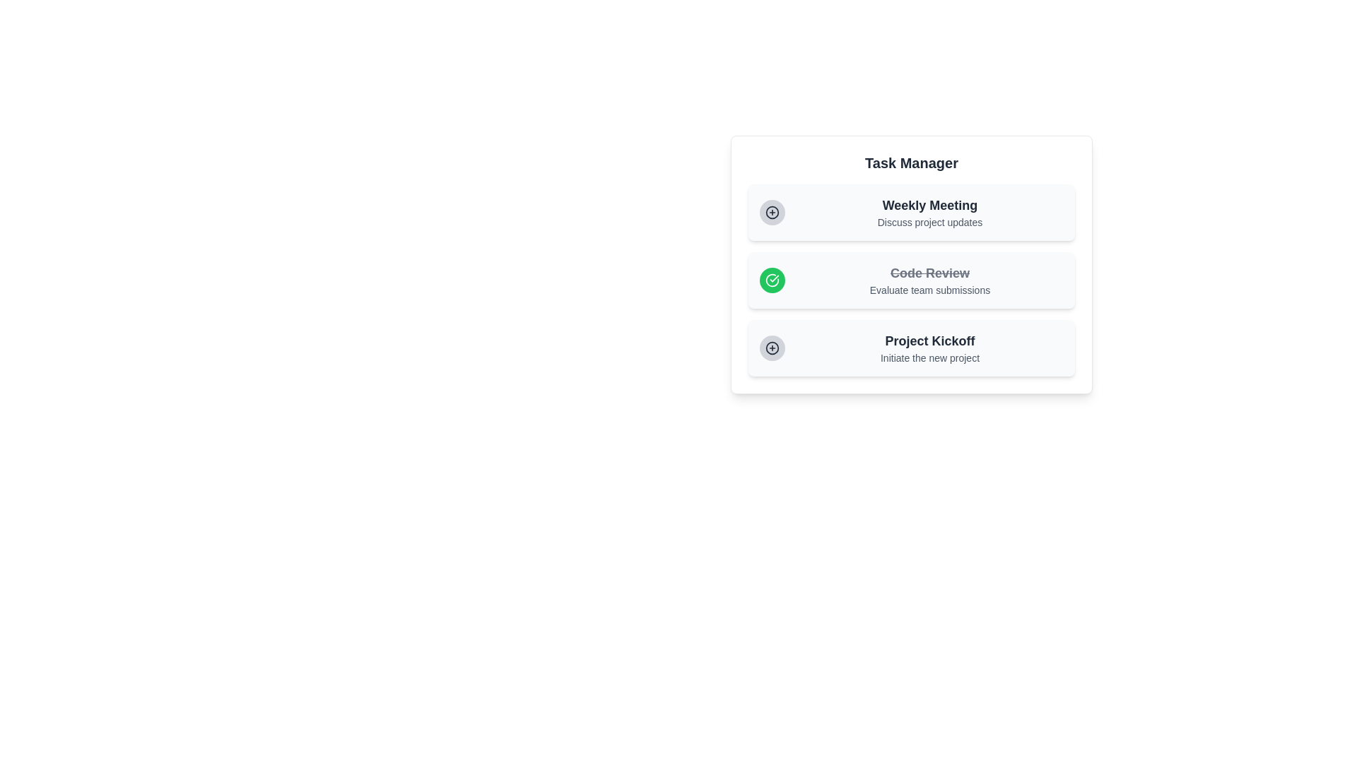  What do you see at coordinates (912, 264) in the screenshot?
I see `the completed 'Code Review' task indicator card` at bounding box center [912, 264].